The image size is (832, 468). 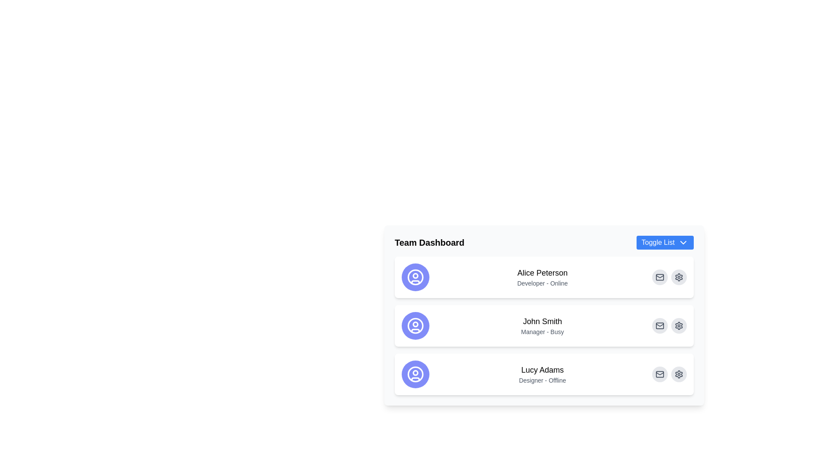 I want to click on the email button for Lucy Adams, positioned at the bottom of the profile card, so click(x=659, y=374).